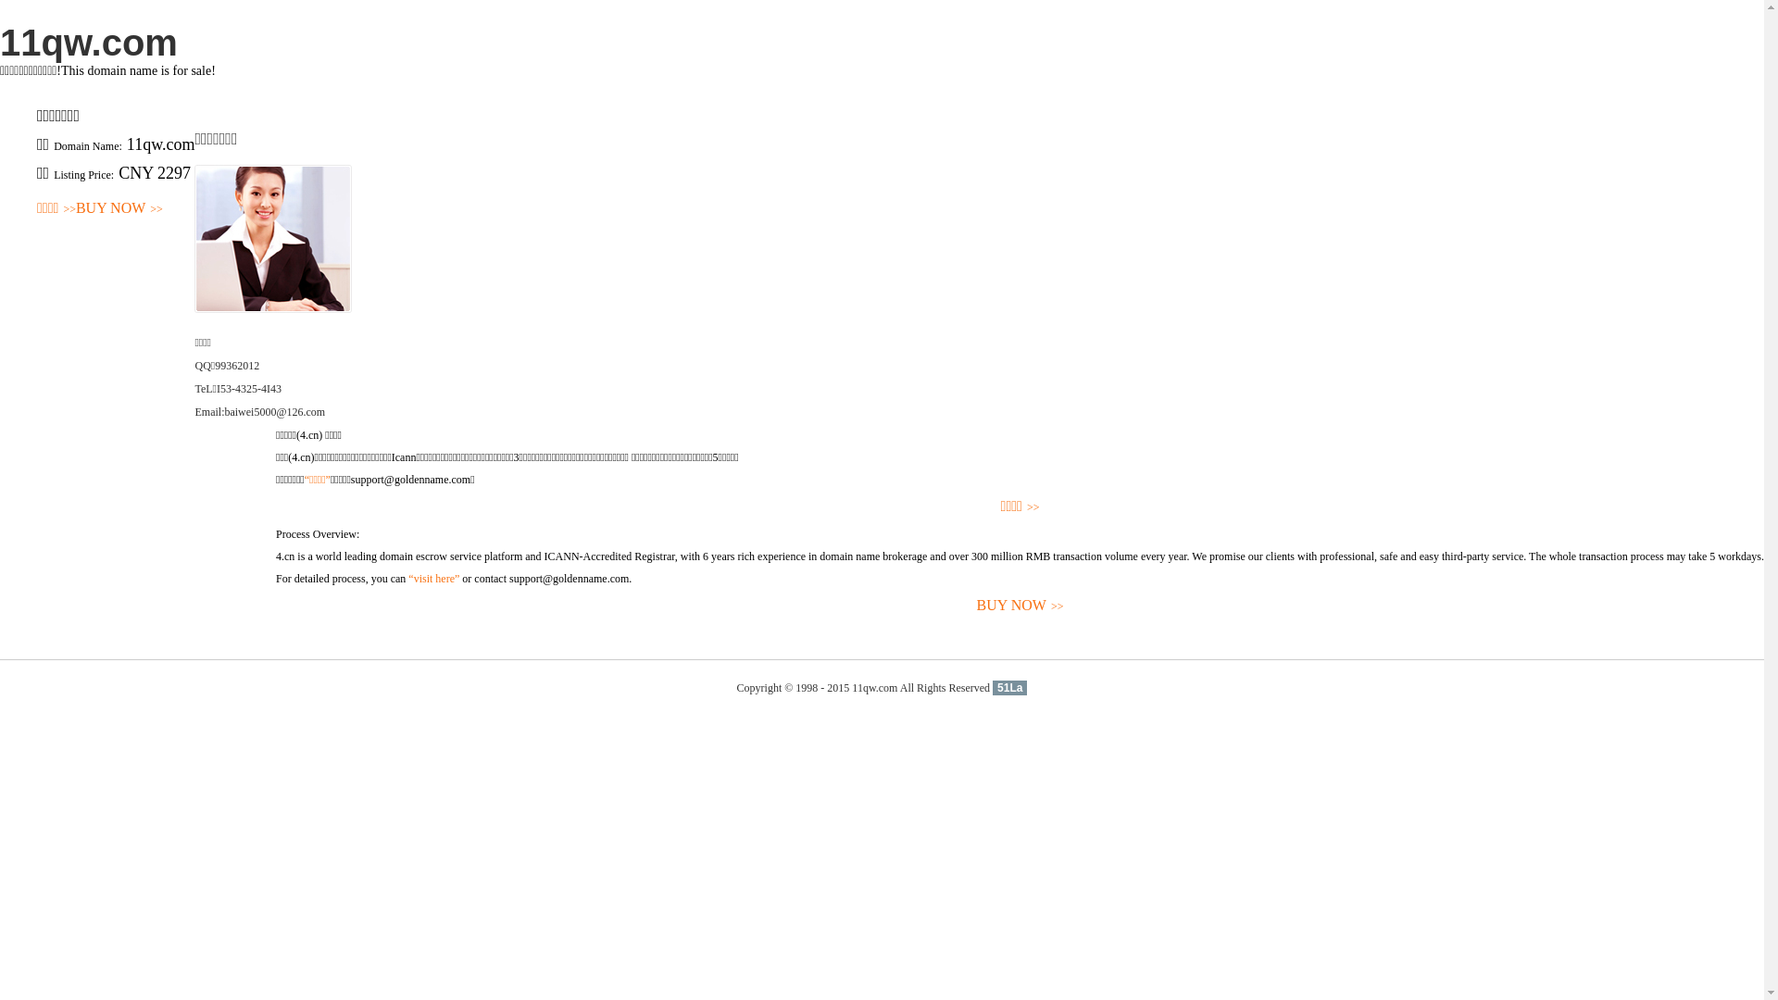  Describe the element at coordinates (1019, 606) in the screenshot. I see `'BUY NOW>>'` at that location.